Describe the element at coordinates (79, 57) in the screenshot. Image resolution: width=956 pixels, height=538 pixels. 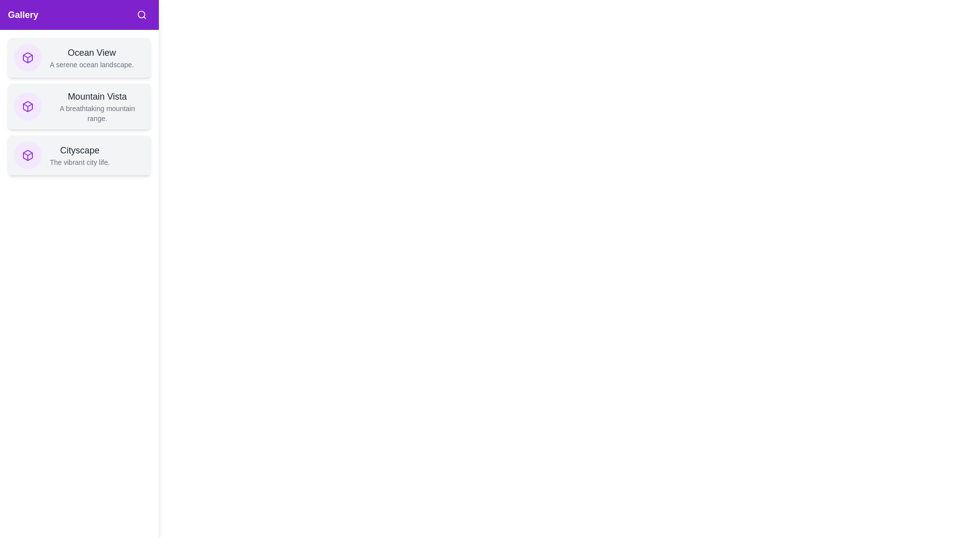
I see `the gallery item titled Ocean View` at that location.